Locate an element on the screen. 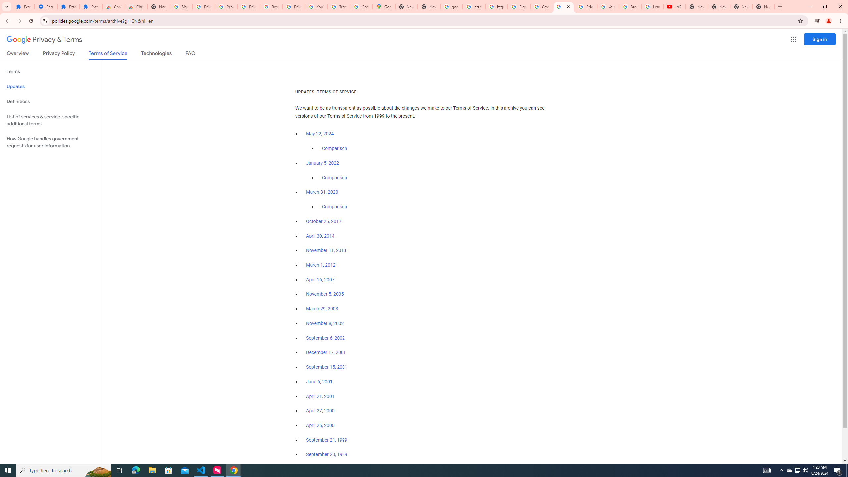 The image size is (848, 477). 'Definitions' is located at coordinates (50, 101).